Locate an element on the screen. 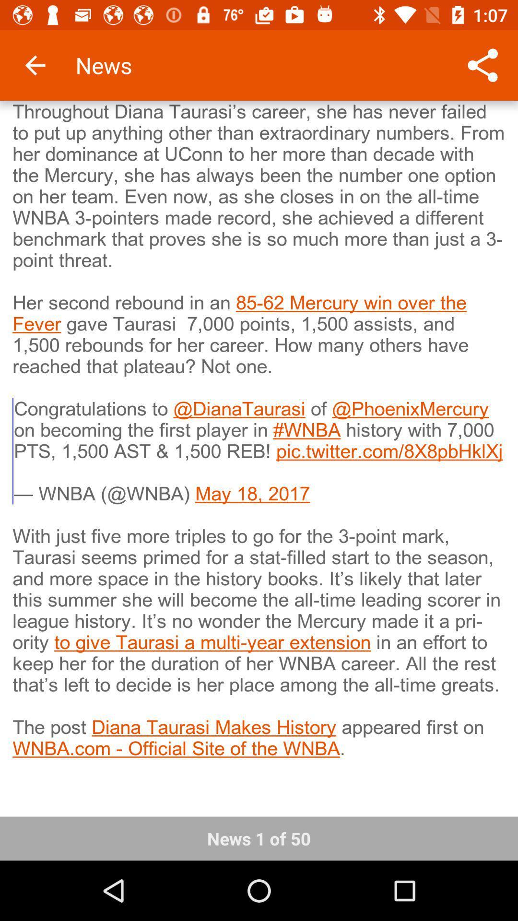 This screenshot has height=921, width=518. the icon above the throughout diana taurasi is located at coordinates (35, 65).